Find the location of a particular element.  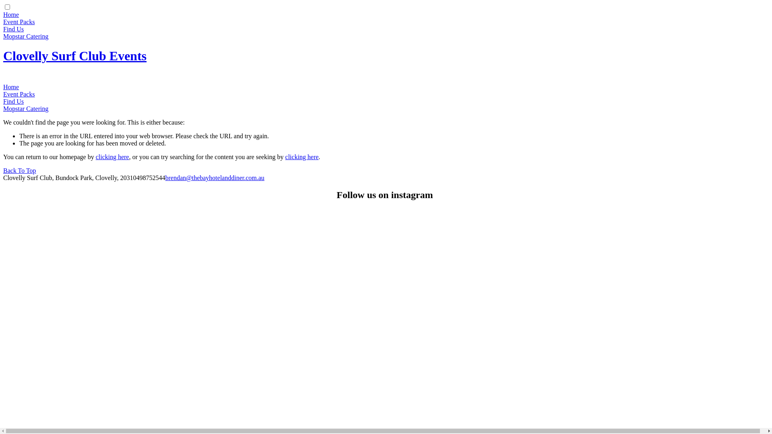

'Event Packs' is located at coordinates (19, 21).